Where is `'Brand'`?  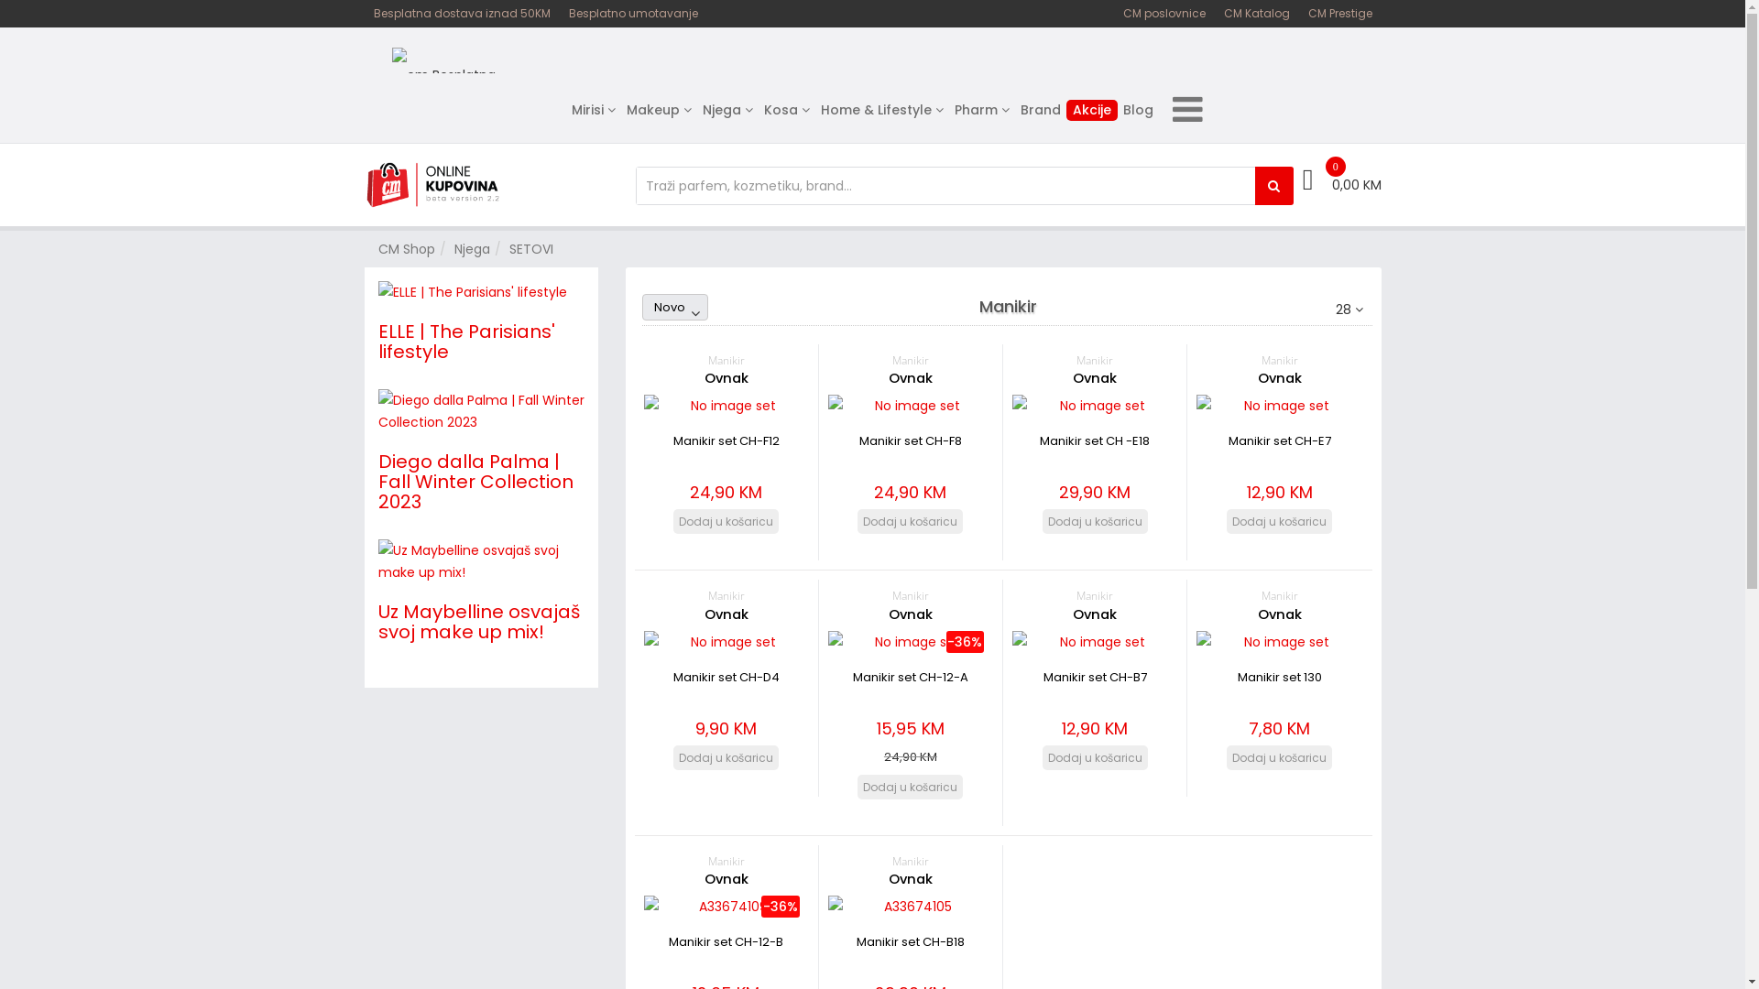
'Brand' is located at coordinates (1041, 110).